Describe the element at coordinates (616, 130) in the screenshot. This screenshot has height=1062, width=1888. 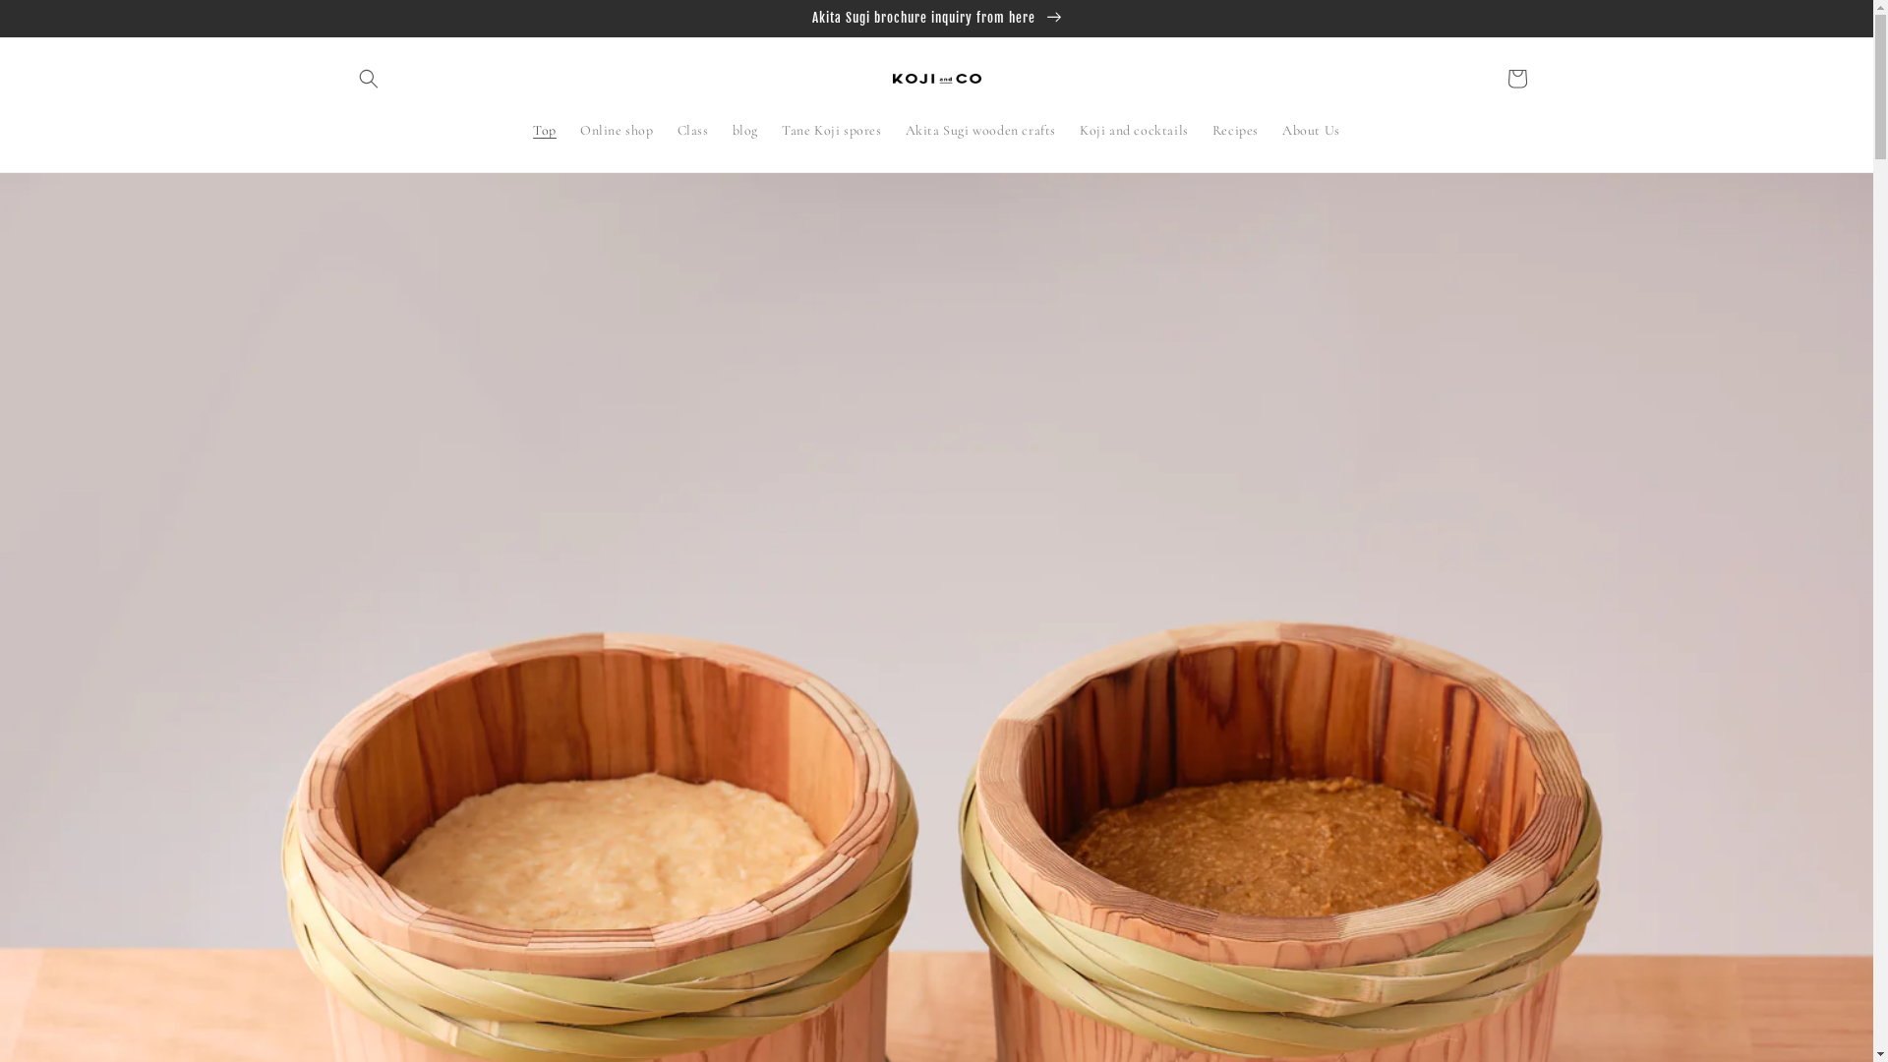
I see `'Online shop'` at that location.